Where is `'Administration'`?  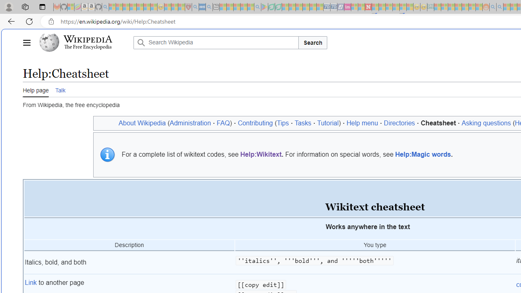 'Administration' is located at coordinates (190, 123).